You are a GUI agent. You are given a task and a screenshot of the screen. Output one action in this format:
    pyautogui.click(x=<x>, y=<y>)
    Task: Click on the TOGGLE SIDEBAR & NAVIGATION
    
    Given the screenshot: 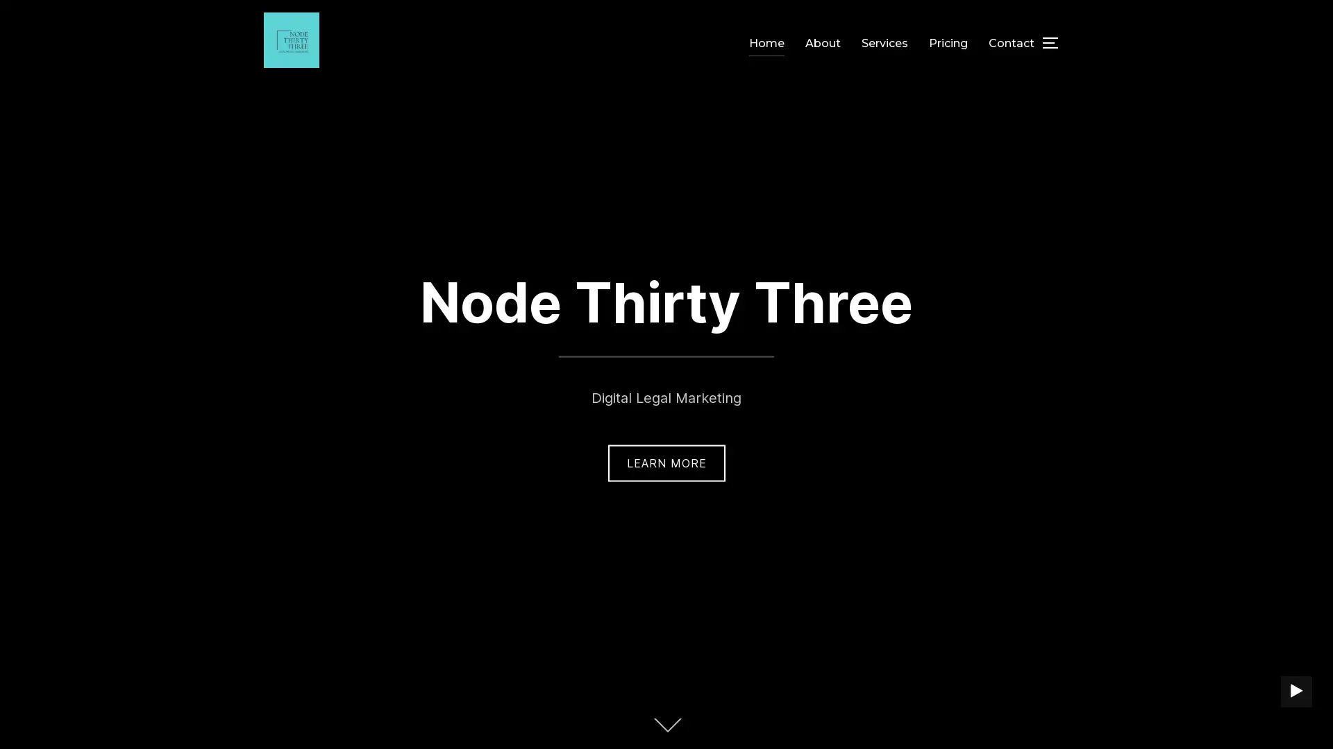 What is the action you would take?
    pyautogui.click(x=1055, y=42)
    